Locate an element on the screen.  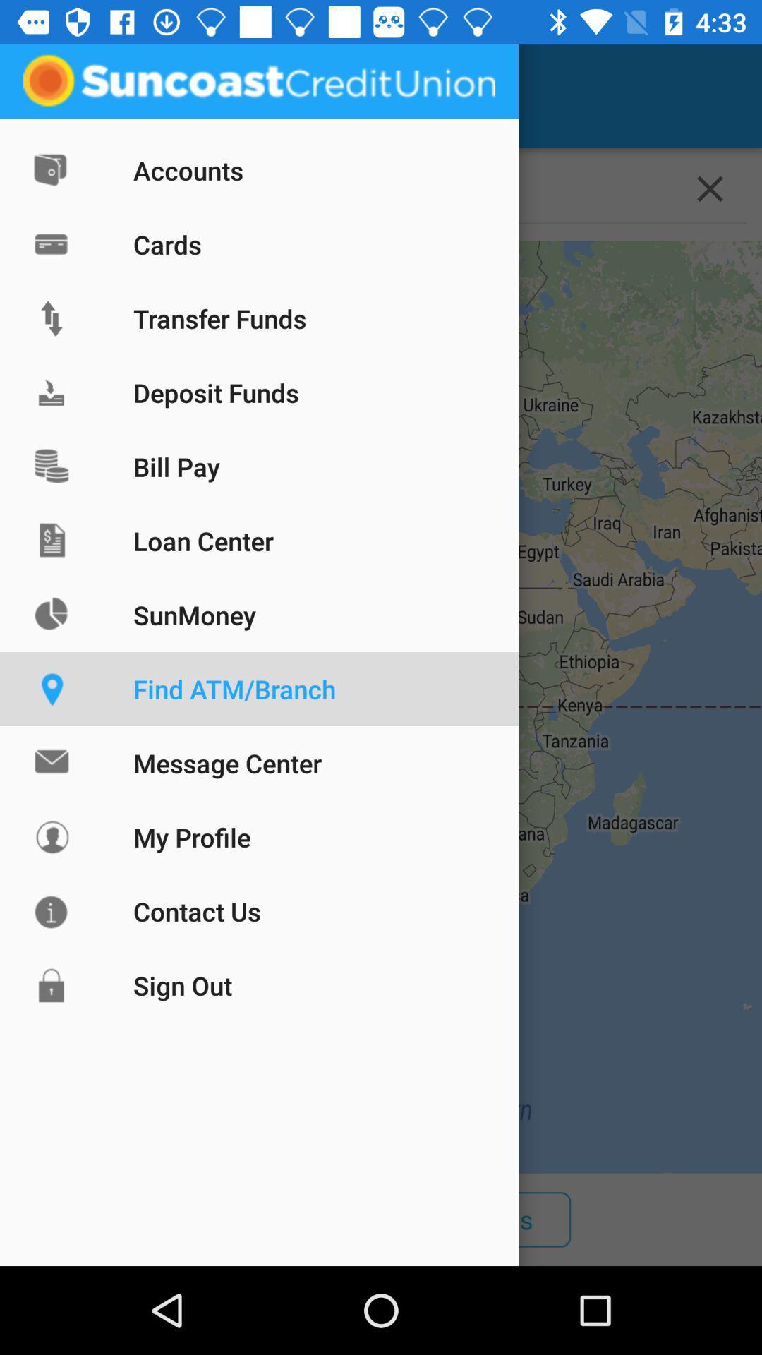
the app next to locations item is located at coordinates (51, 95).